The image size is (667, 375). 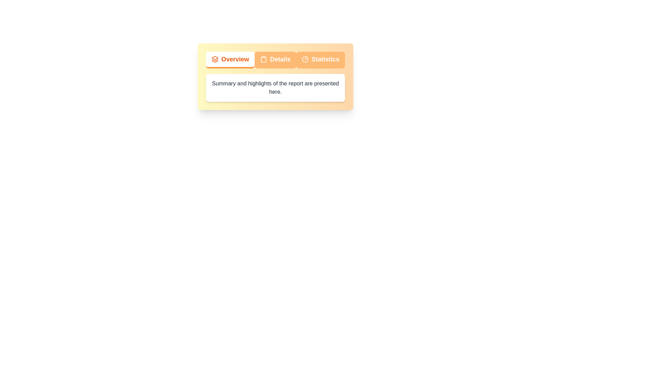 I want to click on the 'Statistics' button which features a pie chart icon with a minimalist outline style and an orange background, so click(x=305, y=59).